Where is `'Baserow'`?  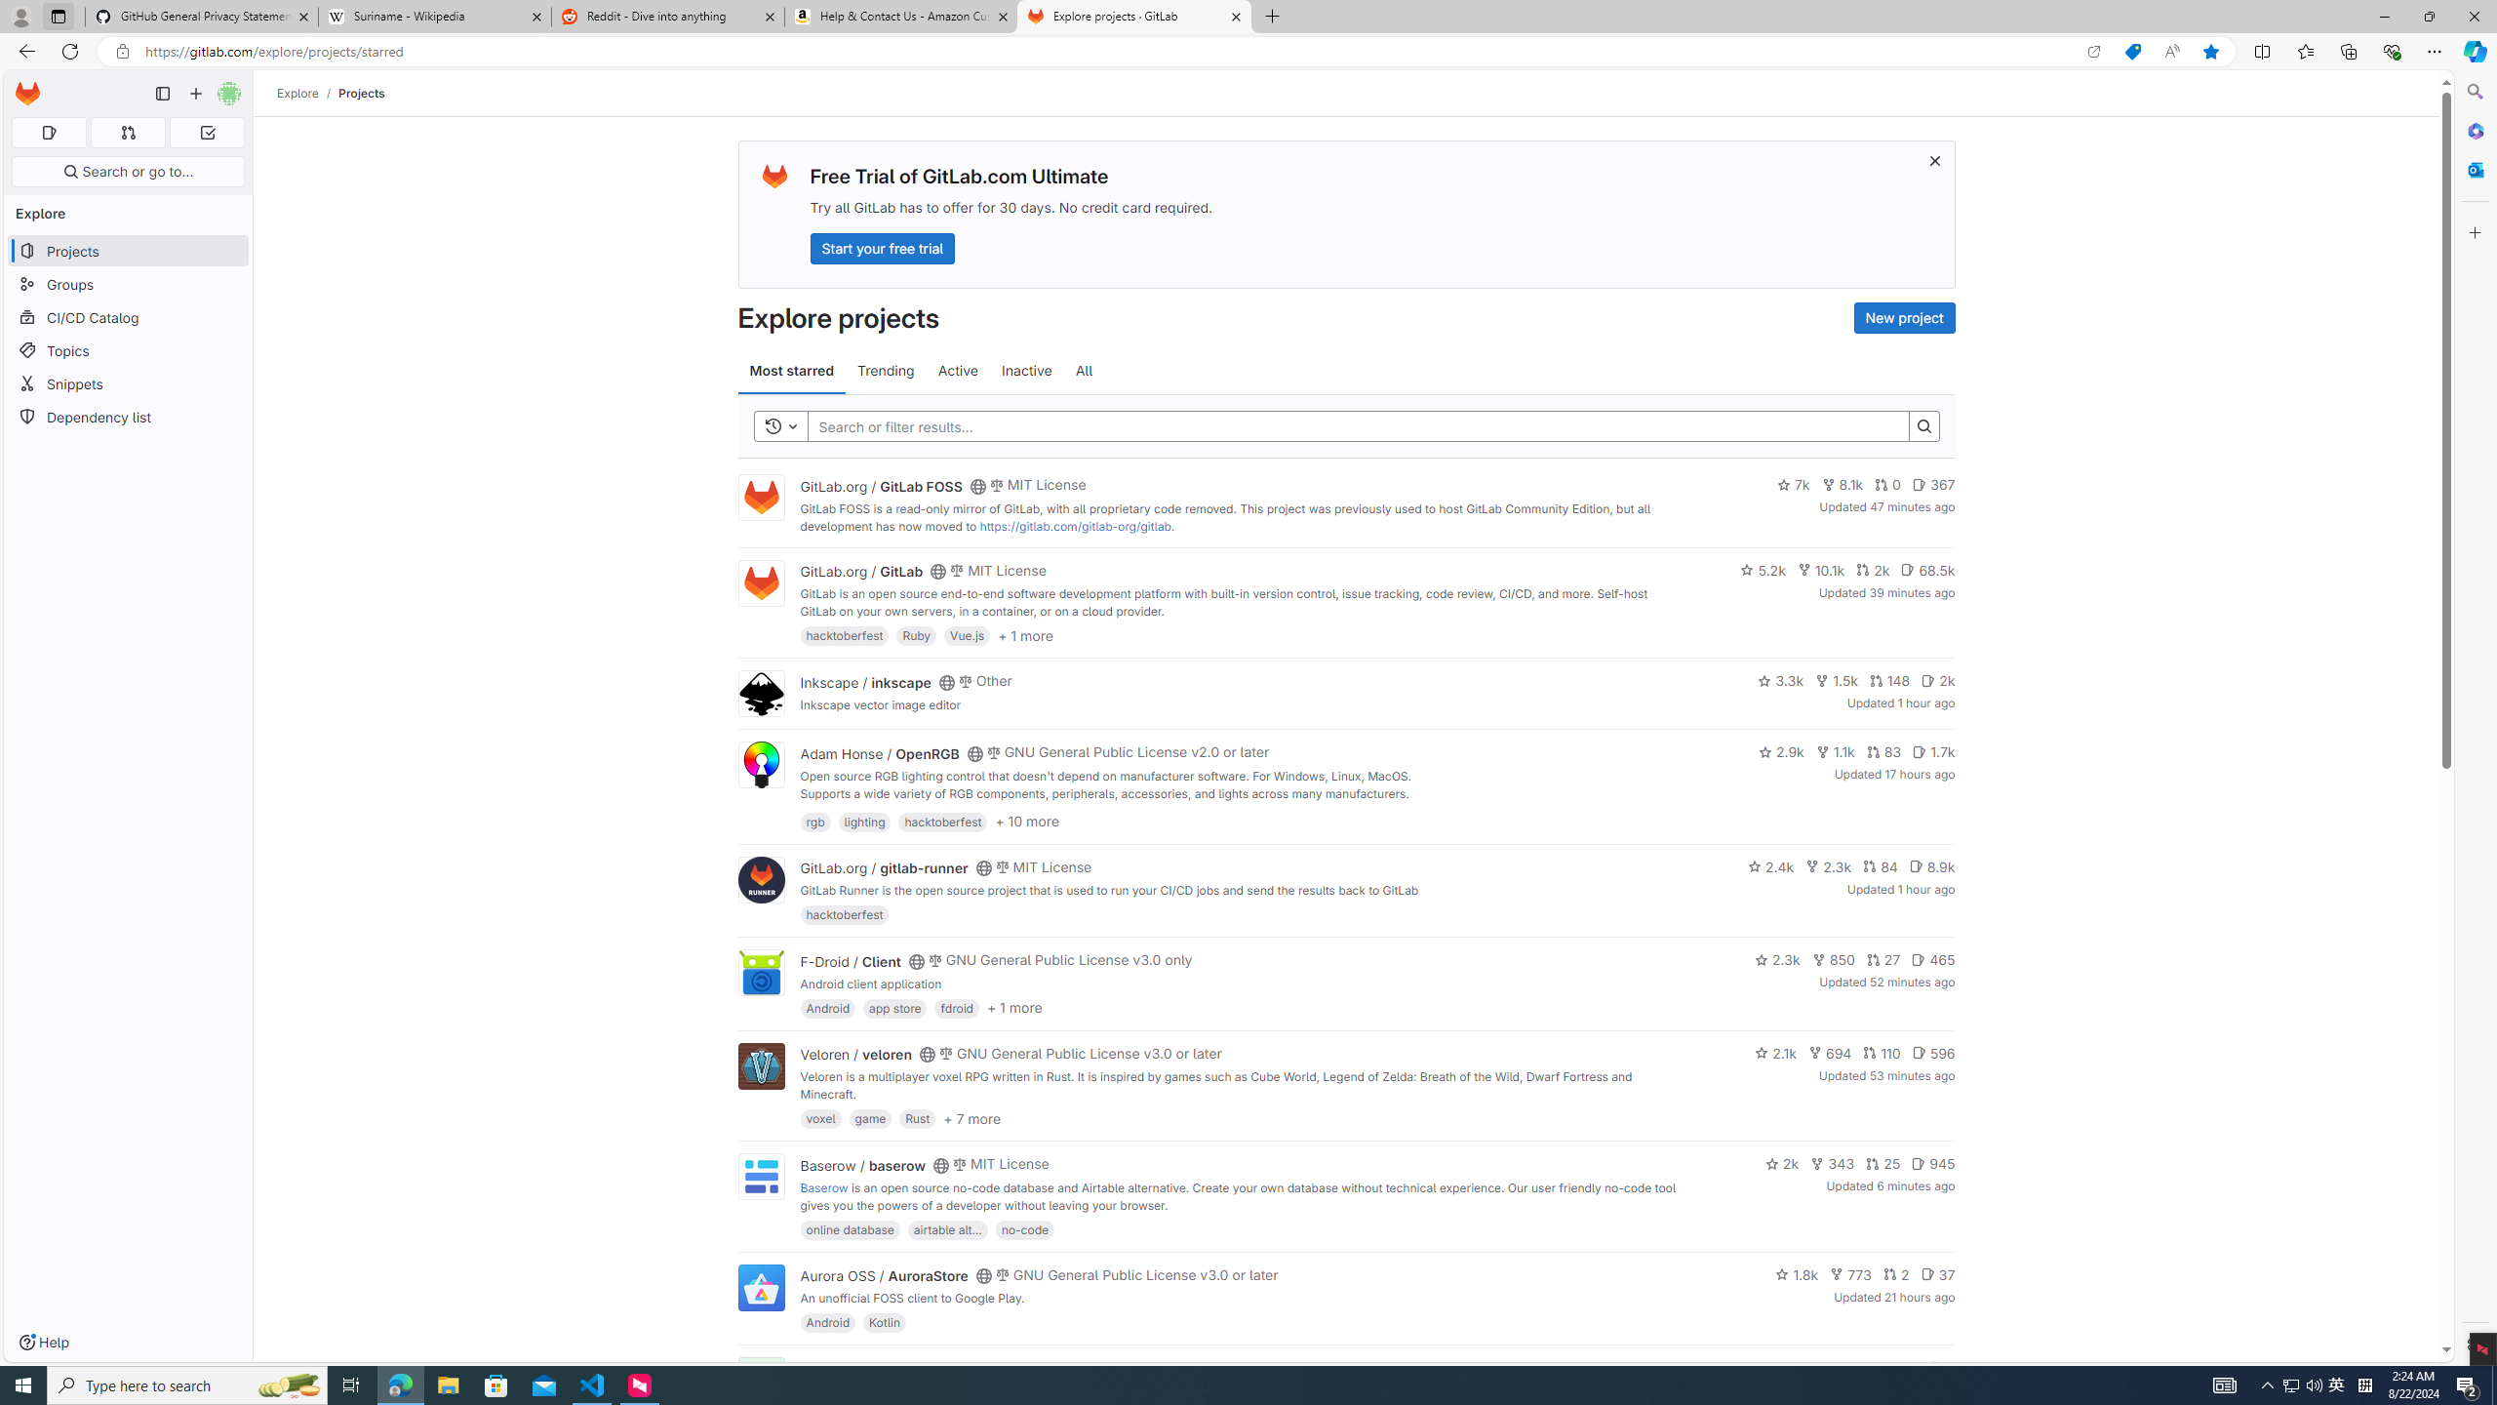
'Baserow' is located at coordinates (822, 1187).